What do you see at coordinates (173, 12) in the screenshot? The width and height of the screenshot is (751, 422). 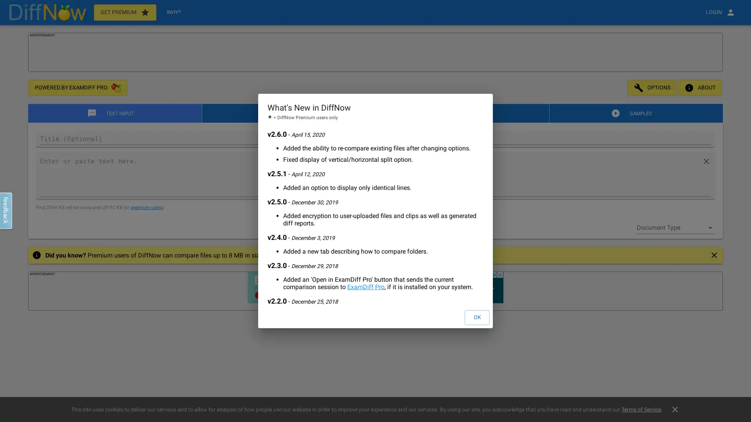 I see `WHY?` at bounding box center [173, 12].